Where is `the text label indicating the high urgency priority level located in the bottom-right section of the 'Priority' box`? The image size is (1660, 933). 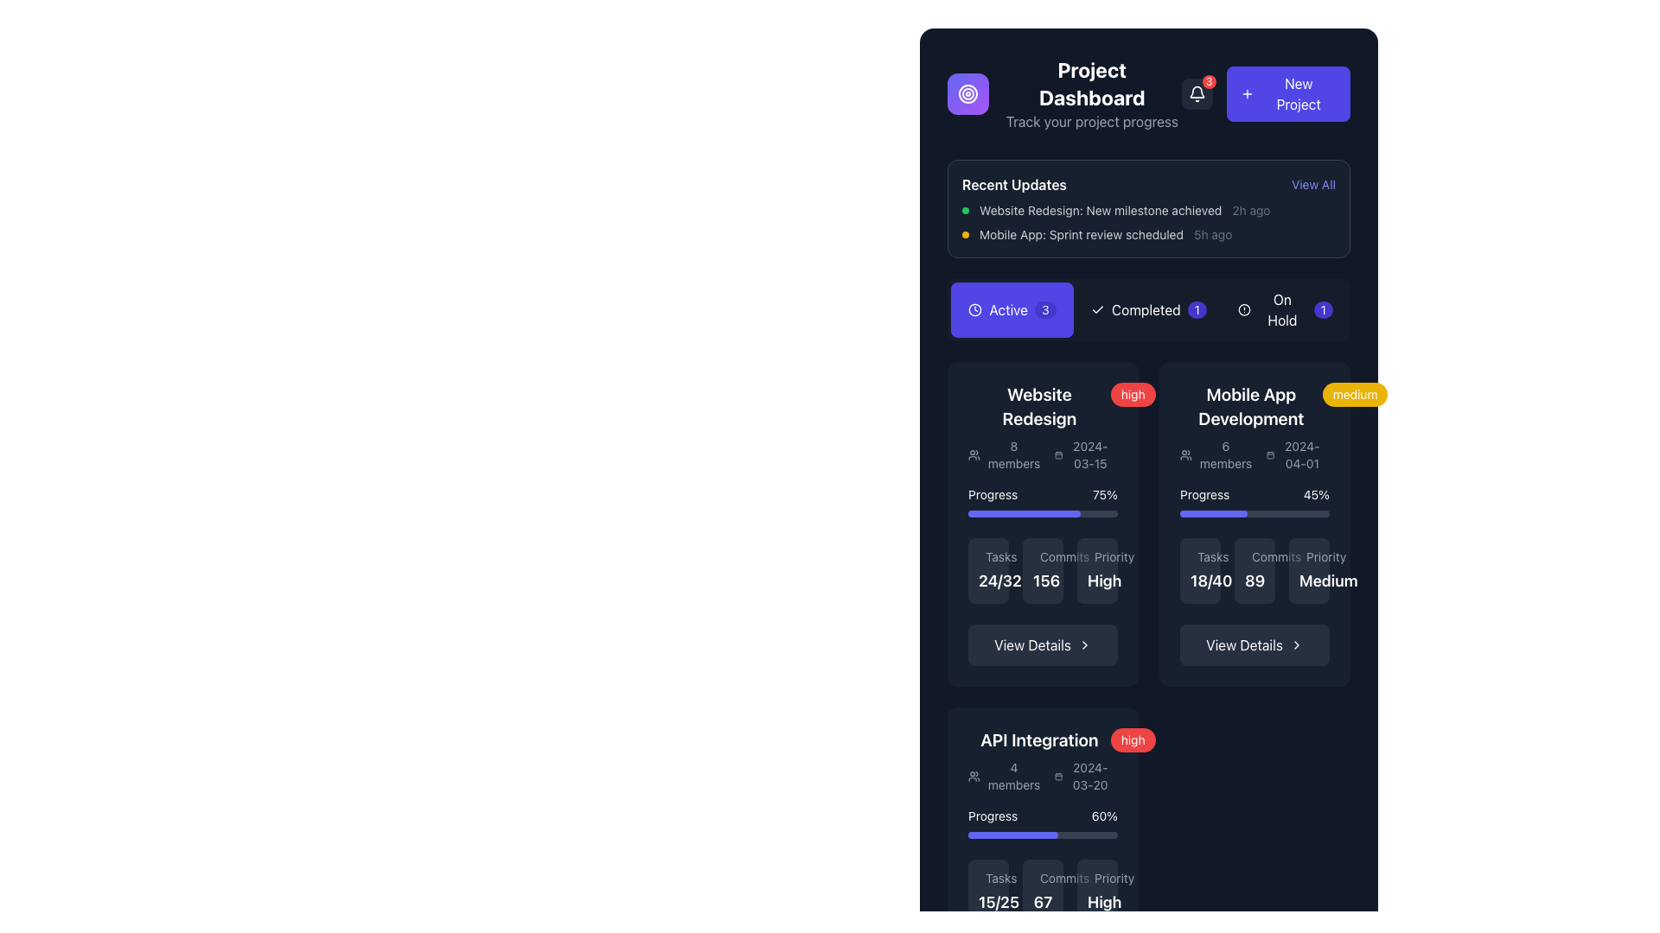 the text label indicating the high urgency priority level located in the bottom-right section of the 'Priority' box is located at coordinates (1096, 570).